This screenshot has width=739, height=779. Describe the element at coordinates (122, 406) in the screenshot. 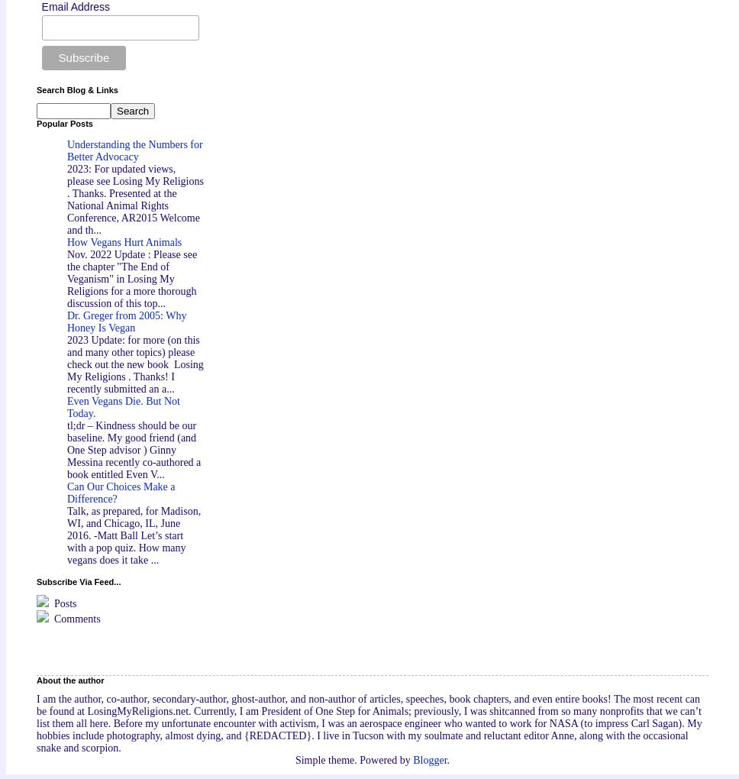

I see `'Even Vegans Die. But Not Today.'` at that location.